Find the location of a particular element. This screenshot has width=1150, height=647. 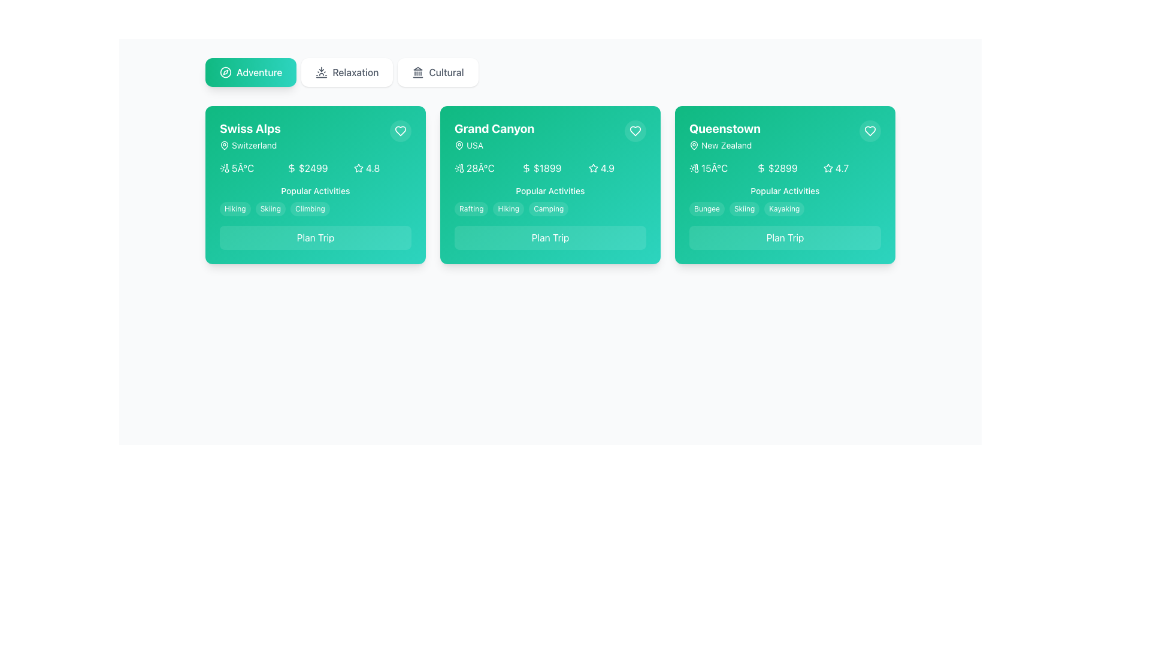

the styled tags in the 'Grand Canyon' card under 'Popular Activities' is located at coordinates (549, 200).